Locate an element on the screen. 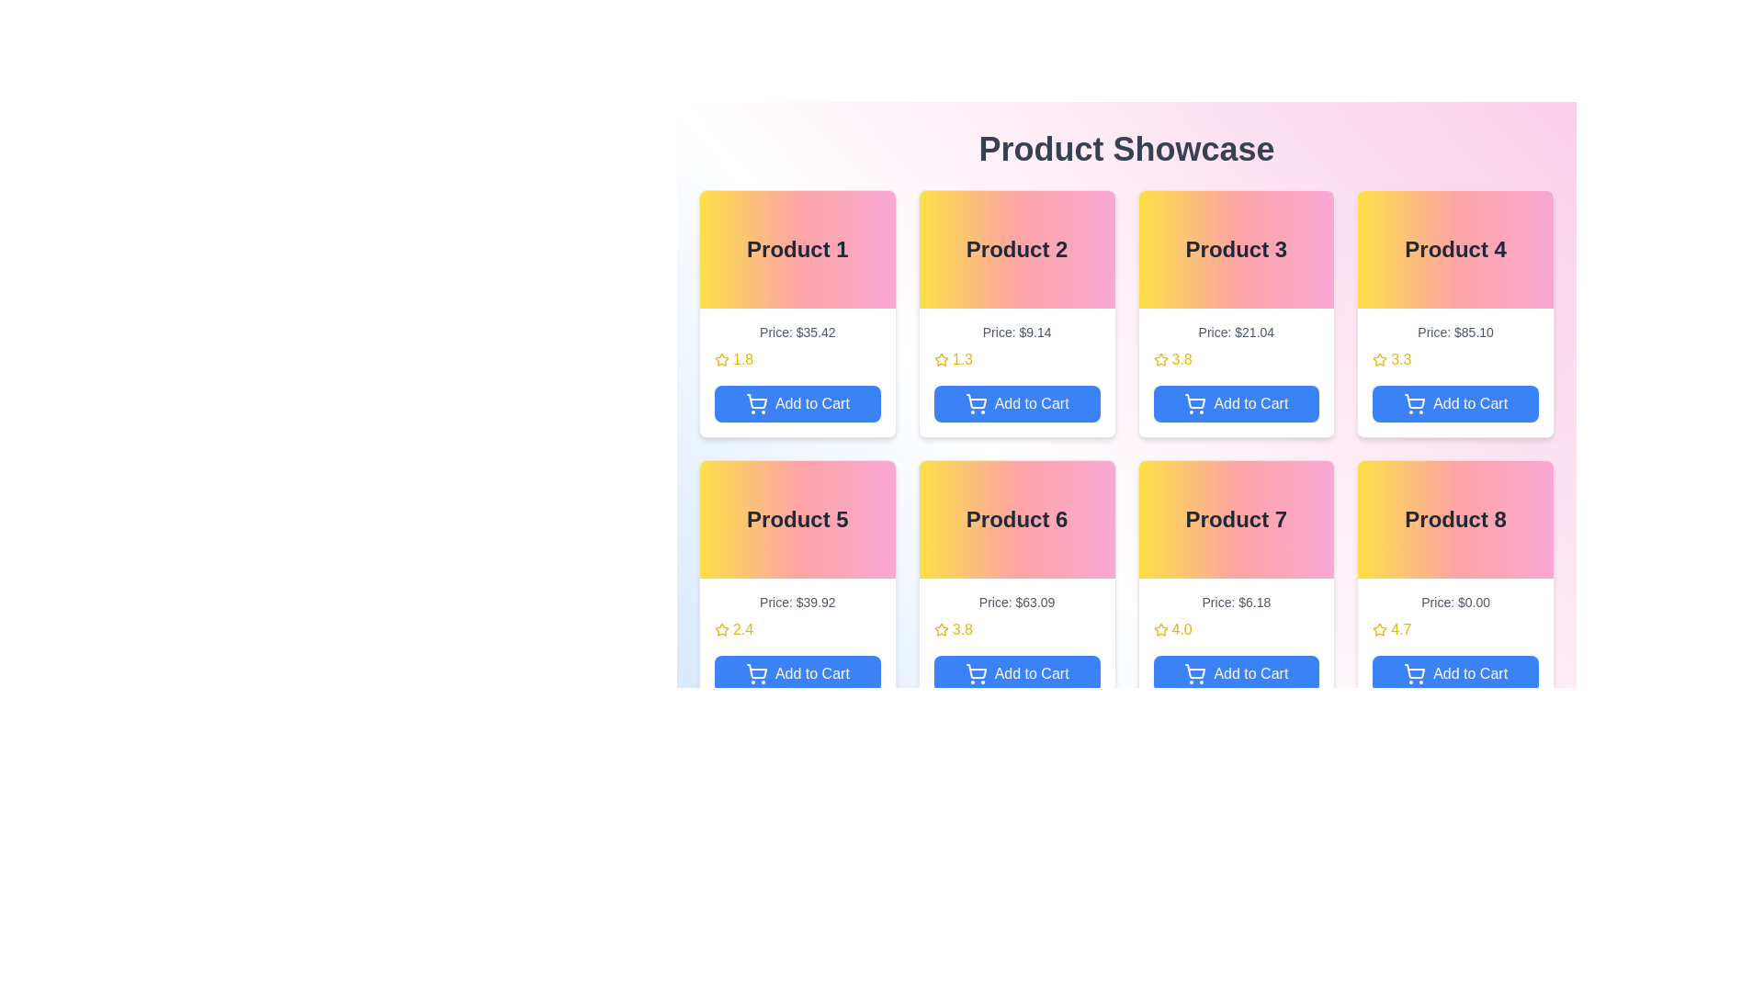 This screenshot has width=1764, height=992. the text label displaying 'Price: $0.00', which is styled in muted gray and positioned above the rating display and 'Add to Cart' button in the bottom-right corner of the grid layout is located at coordinates (1454, 602).